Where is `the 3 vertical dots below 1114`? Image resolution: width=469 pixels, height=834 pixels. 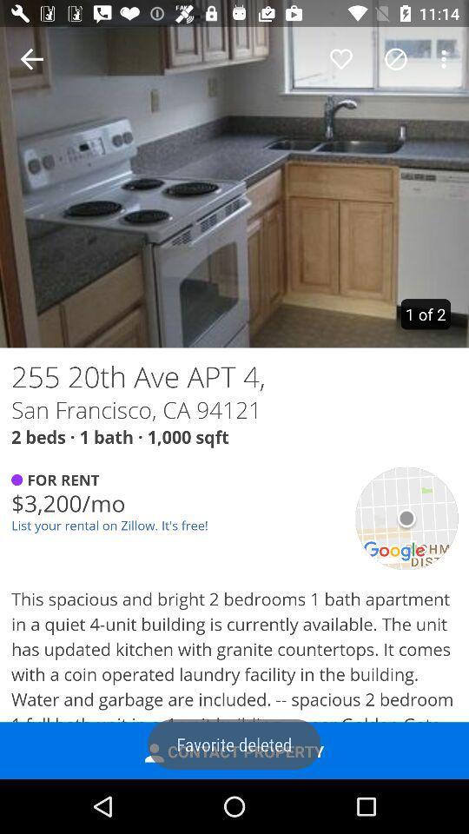
the 3 vertical dots below 1114 is located at coordinates (446, 59).